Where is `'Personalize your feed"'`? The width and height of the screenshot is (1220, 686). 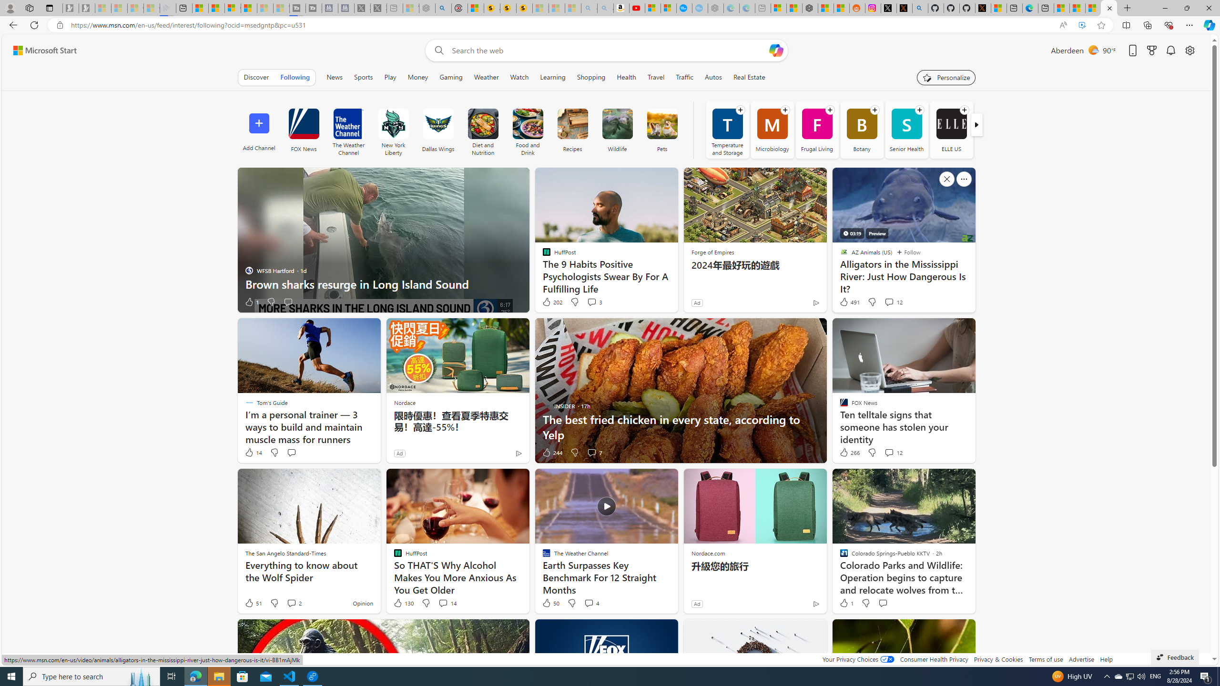 'Personalize your feed"' is located at coordinates (946, 77).